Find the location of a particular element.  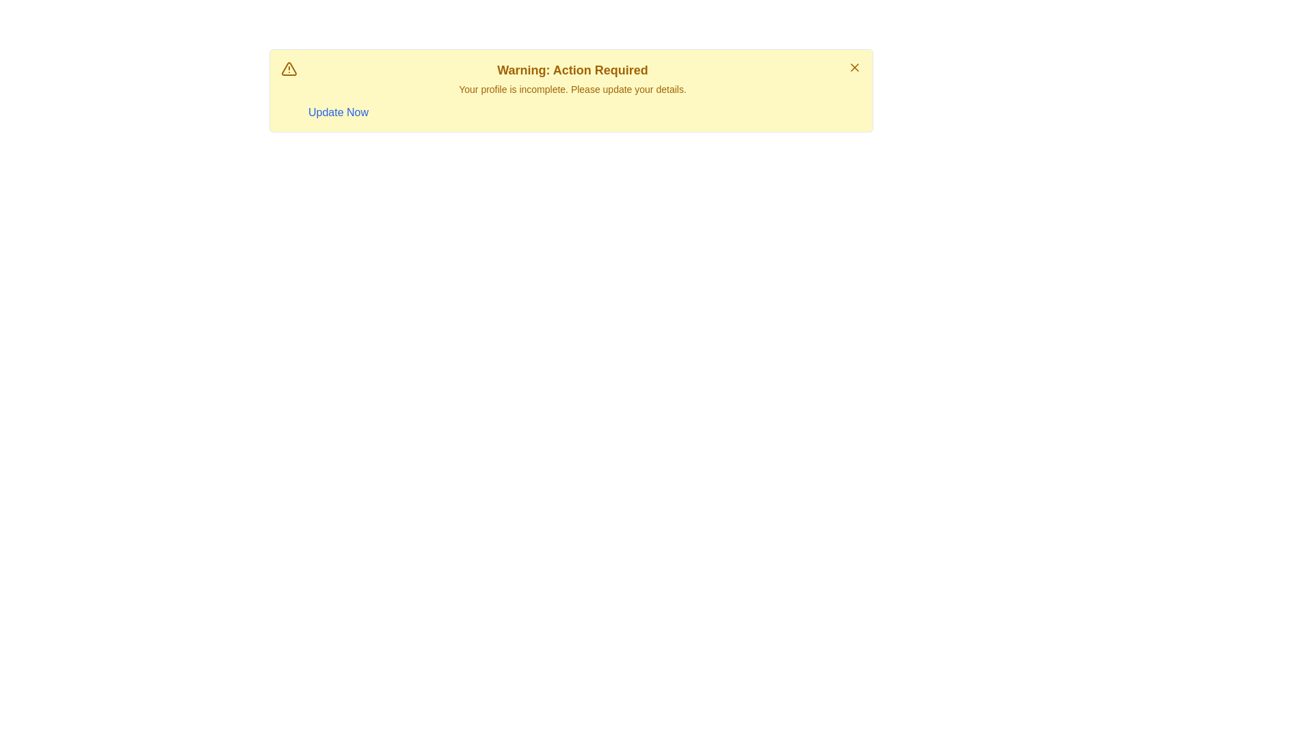

the triangular warning icon with an exclamation mark inside, located in the top-left corner of the yellow notification banner is located at coordinates (288, 68).